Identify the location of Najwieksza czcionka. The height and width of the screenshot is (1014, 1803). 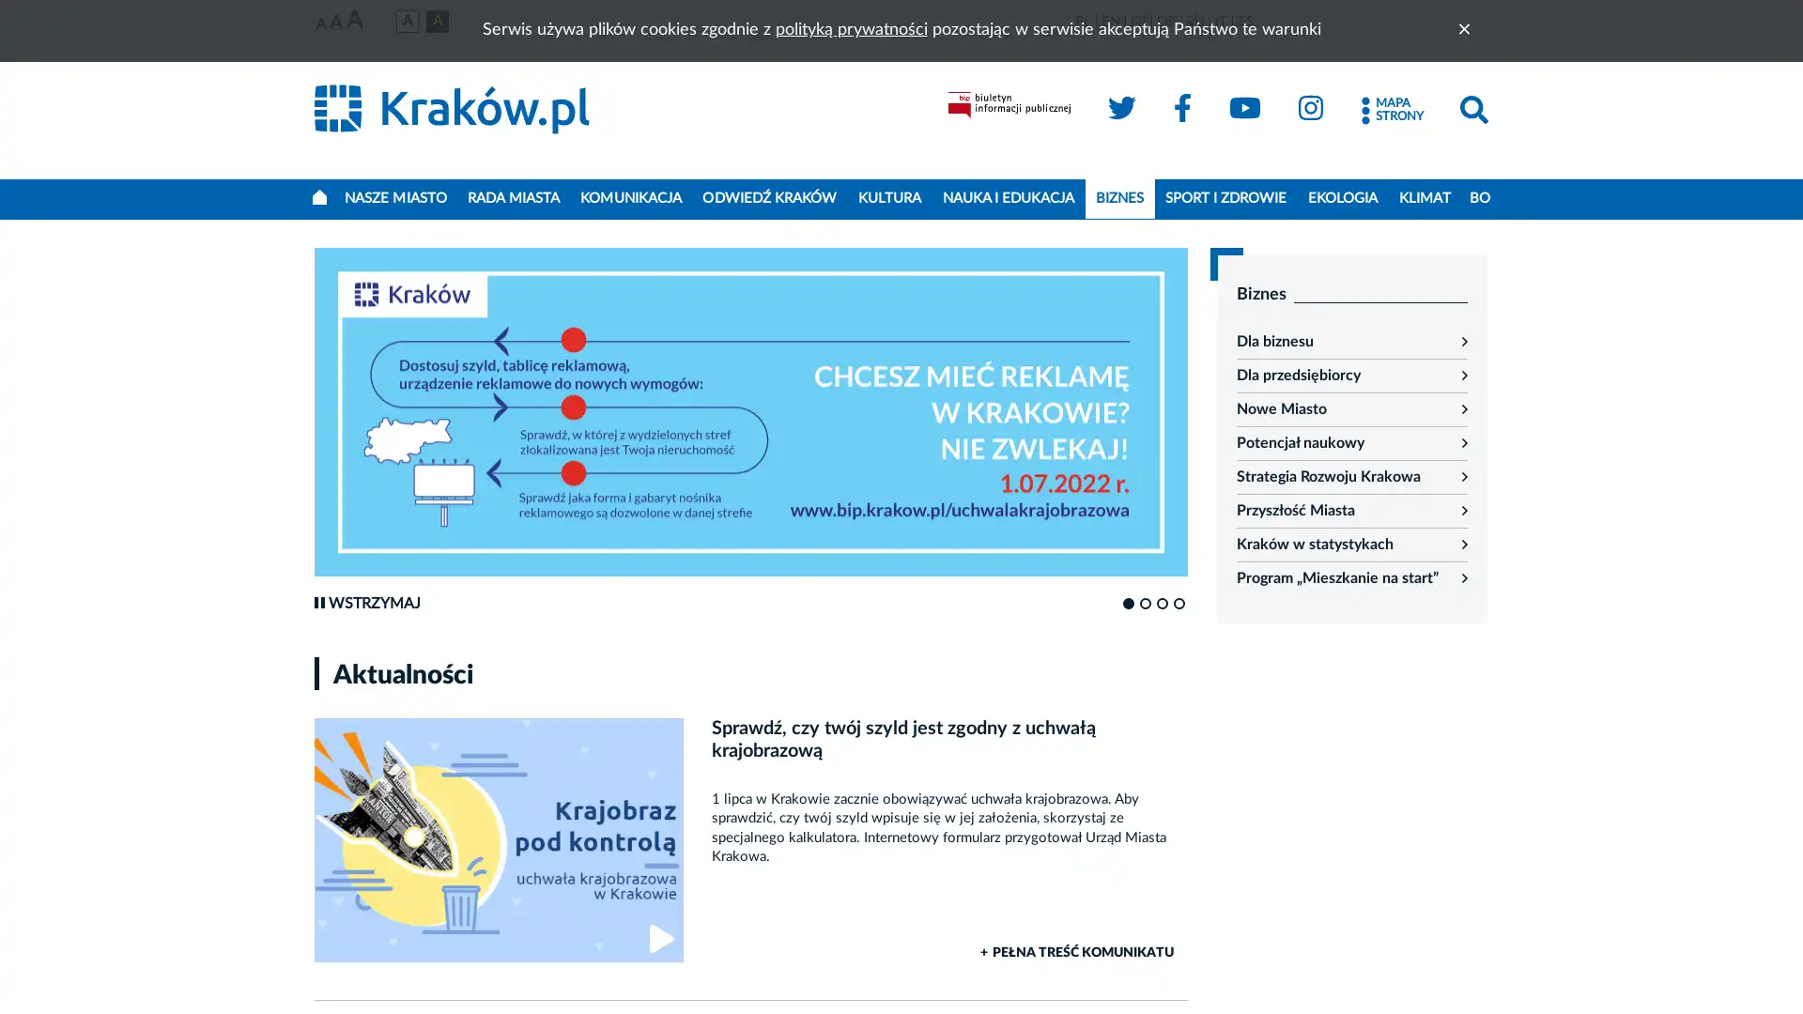
(354, 21).